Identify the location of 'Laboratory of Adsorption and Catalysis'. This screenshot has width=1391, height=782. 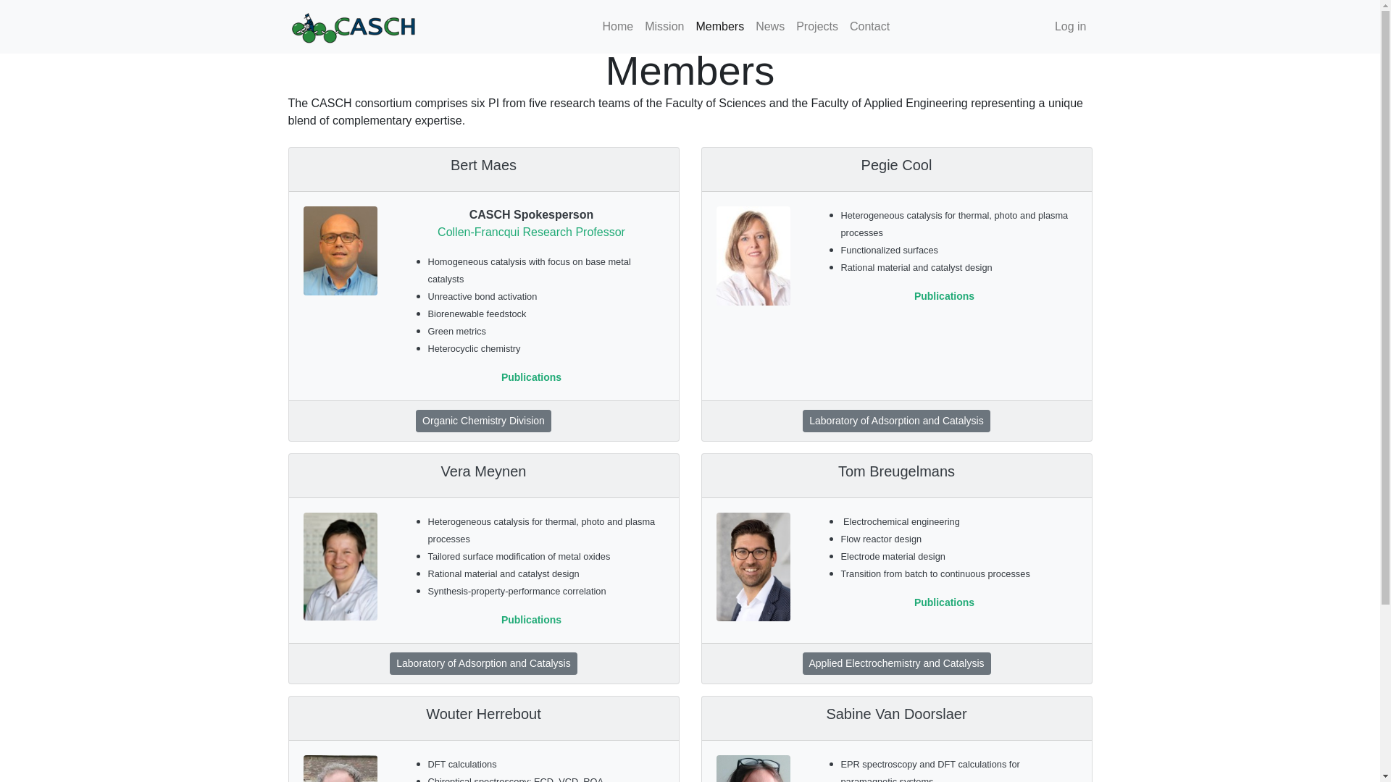
(483, 663).